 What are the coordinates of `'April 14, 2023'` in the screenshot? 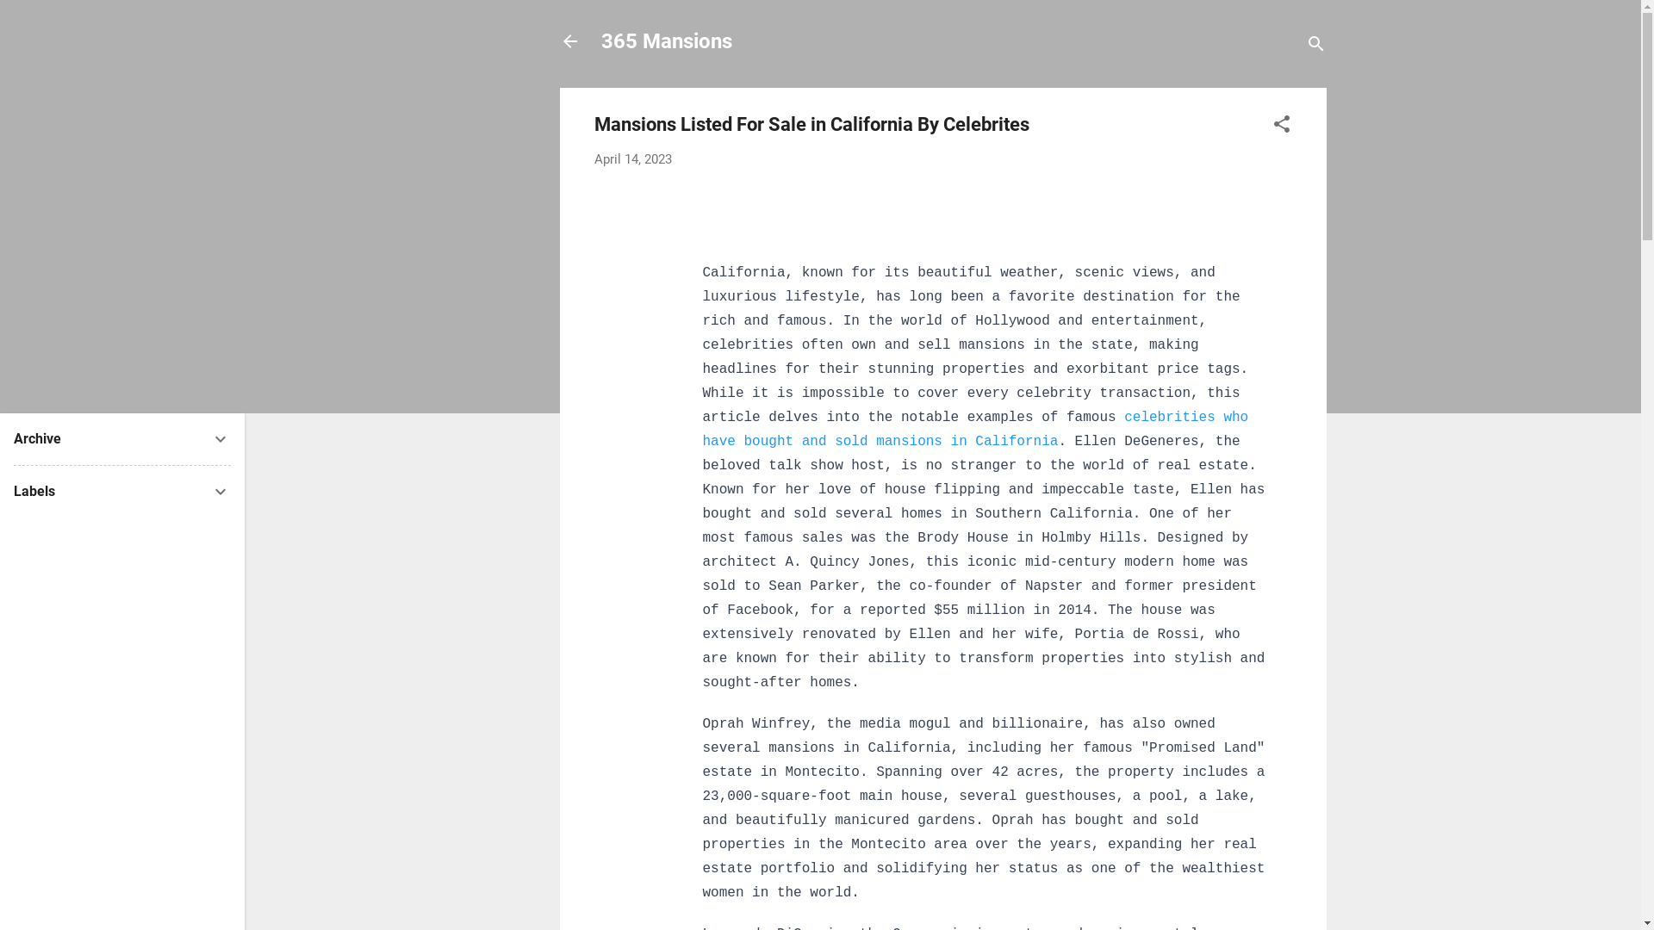 It's located at (631, 159).